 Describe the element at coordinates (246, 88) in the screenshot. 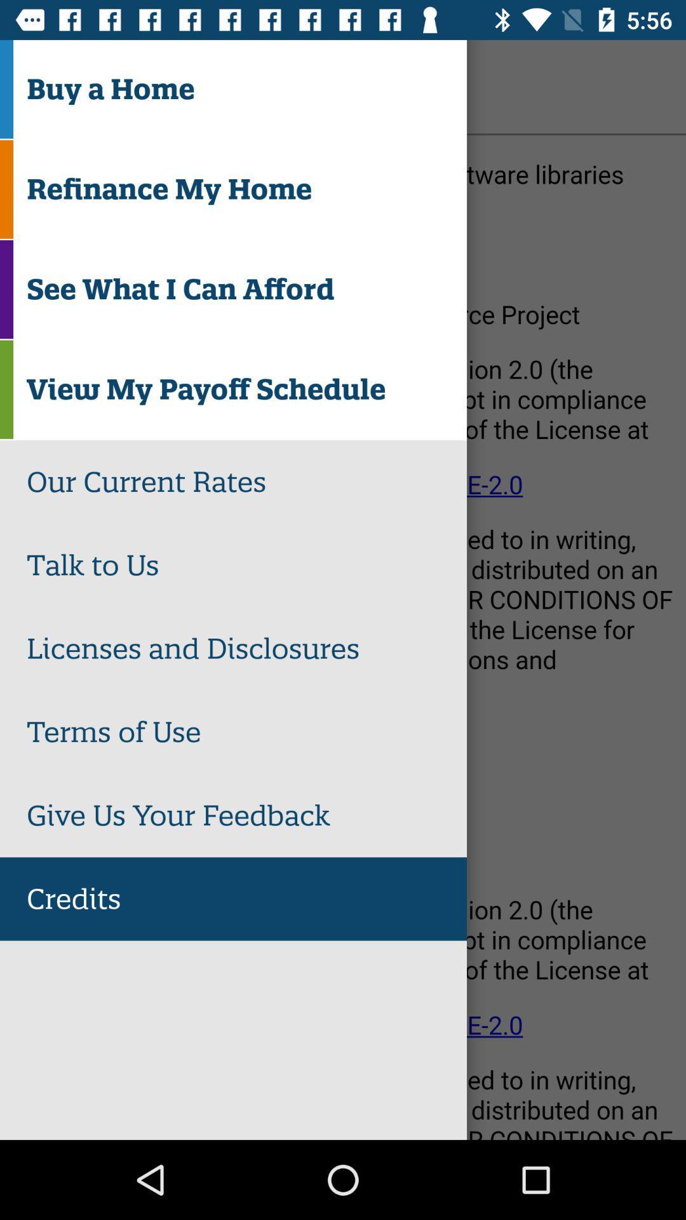

I see `the buy a home` at that location.